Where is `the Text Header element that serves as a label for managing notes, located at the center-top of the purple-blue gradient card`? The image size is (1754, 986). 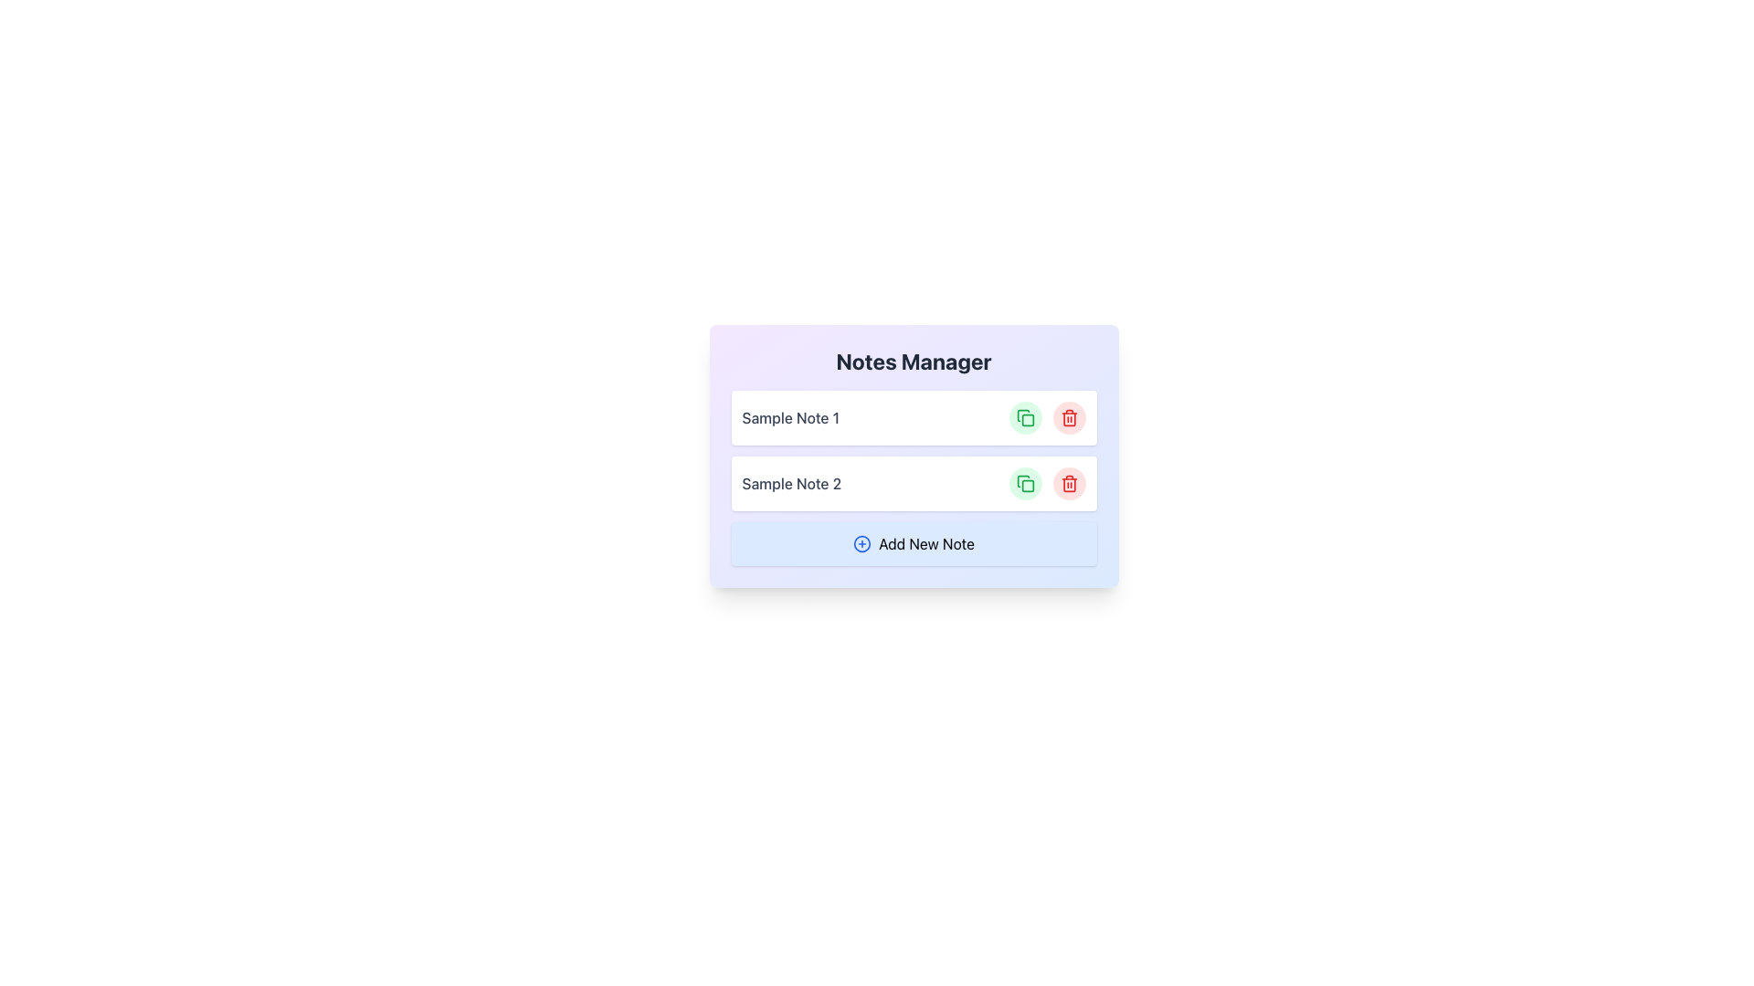 the Text Header element that serves as a label for managing notes, located at the center-top of the purple-blue gradient card is located at coordinates (914, 362).